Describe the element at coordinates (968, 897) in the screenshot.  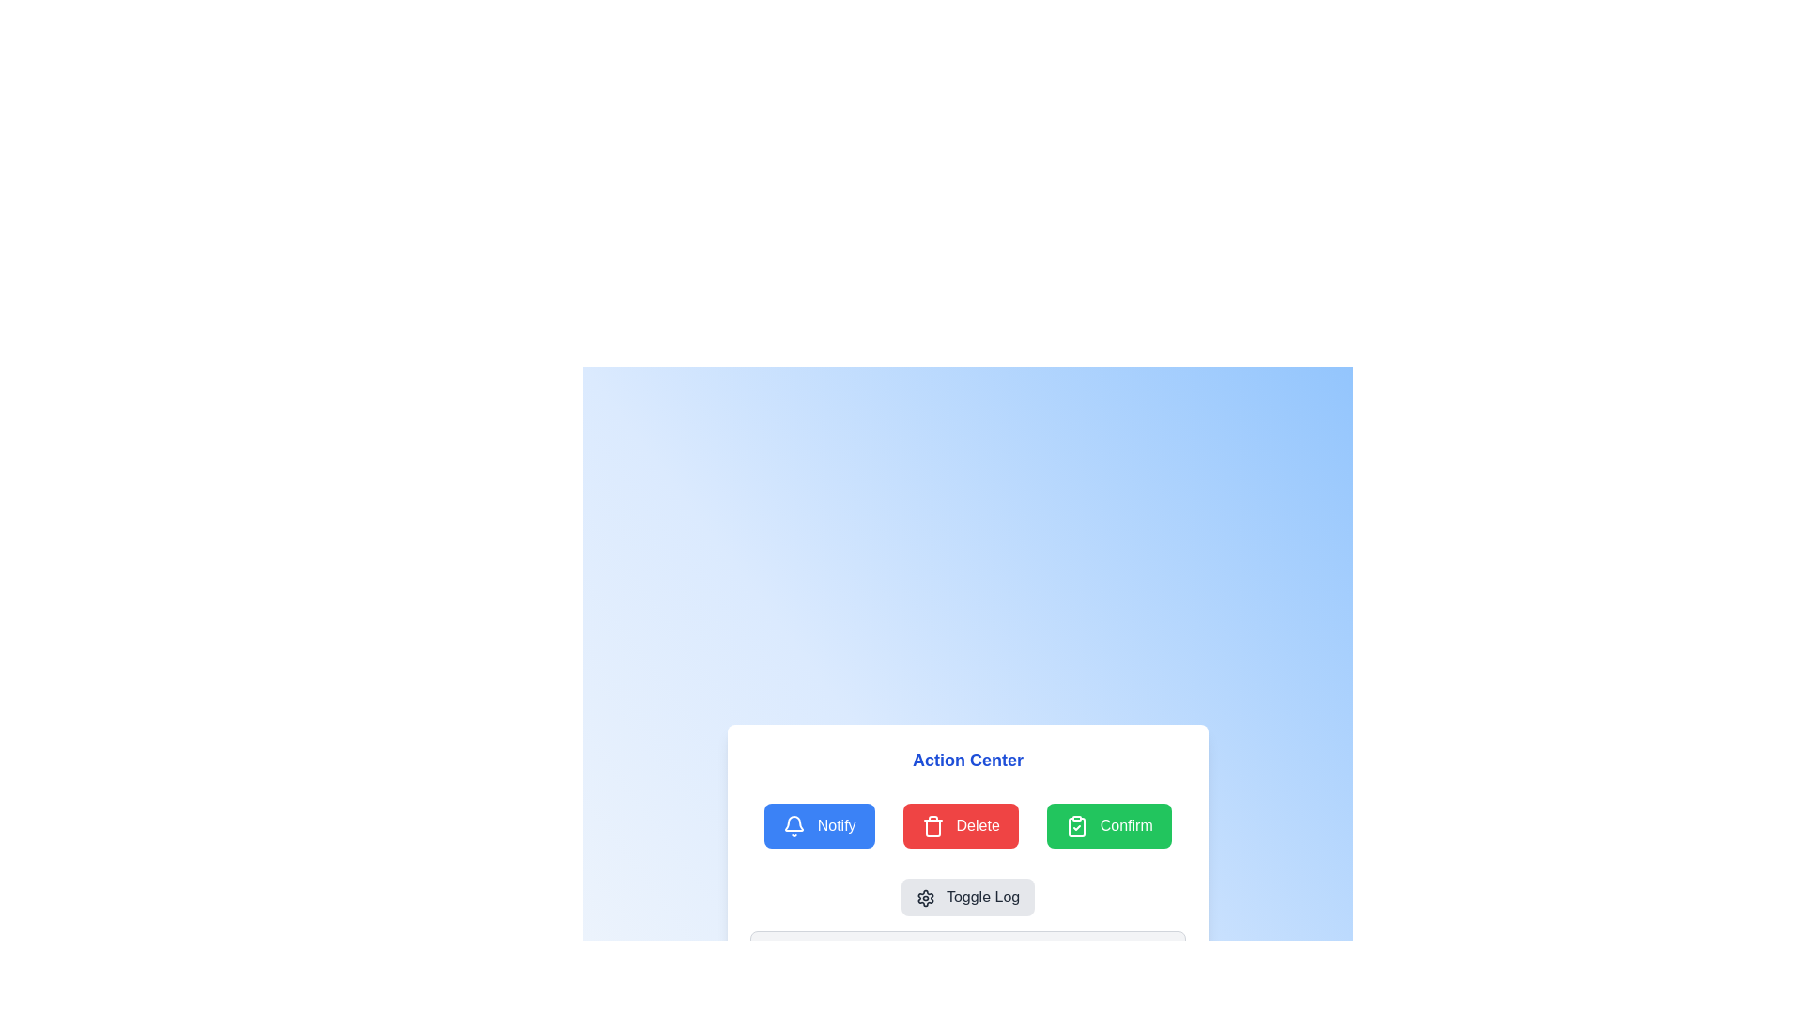
I see `the button that toggles the visibility of the log section in the 'Action Center' panel for a visual effect` at that location.